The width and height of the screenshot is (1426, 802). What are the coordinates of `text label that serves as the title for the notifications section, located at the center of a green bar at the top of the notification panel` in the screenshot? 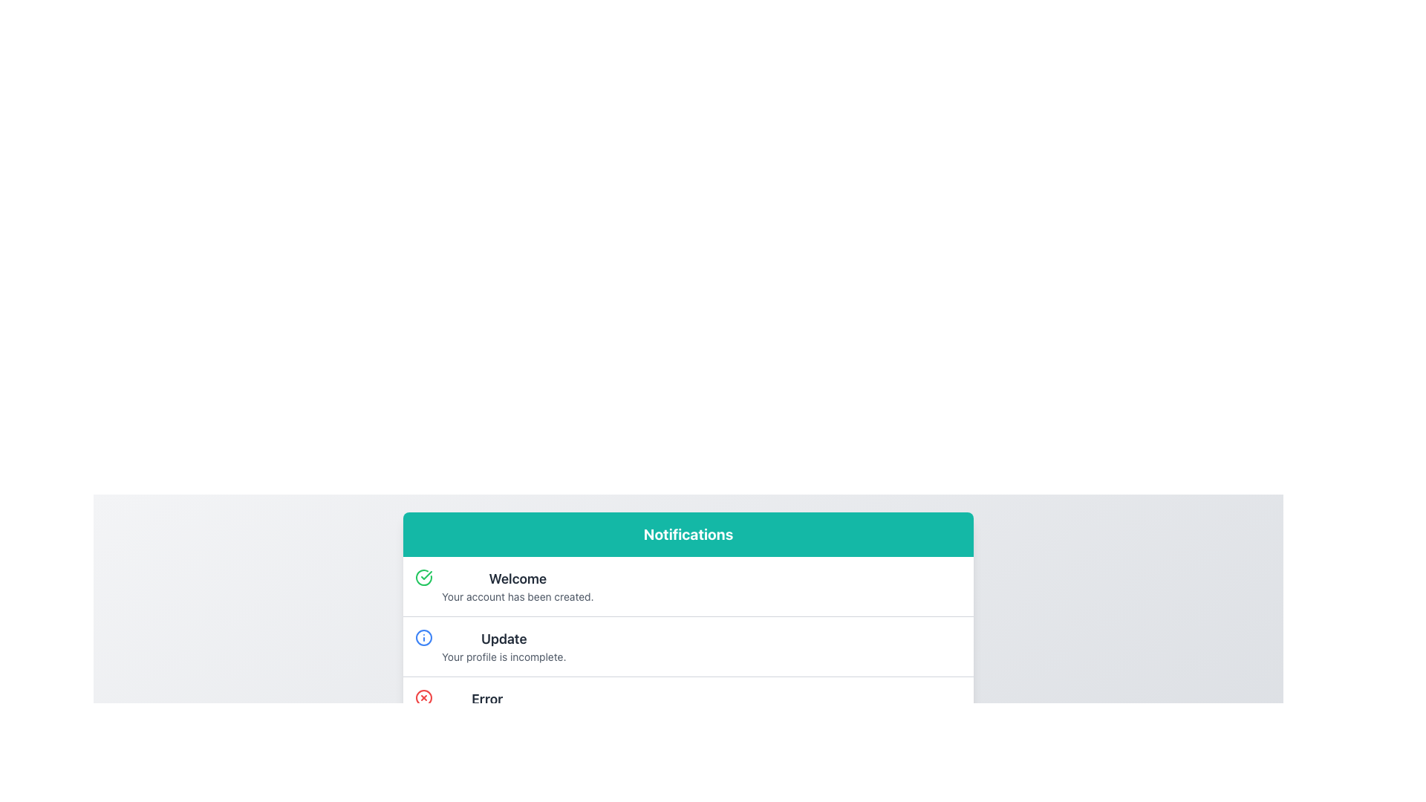 It's located at (687, 535).